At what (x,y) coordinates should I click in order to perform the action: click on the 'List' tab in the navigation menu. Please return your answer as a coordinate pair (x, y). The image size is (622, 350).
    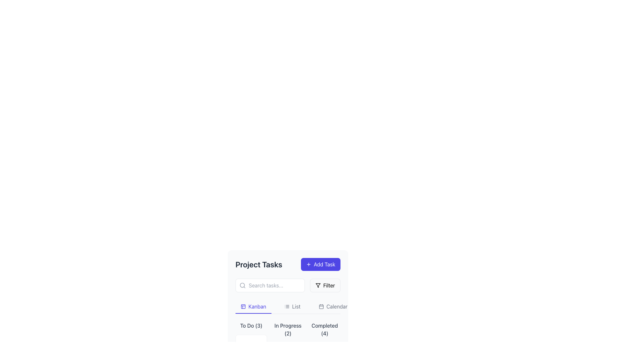
    Looking at the image, I should click on (287, 307).